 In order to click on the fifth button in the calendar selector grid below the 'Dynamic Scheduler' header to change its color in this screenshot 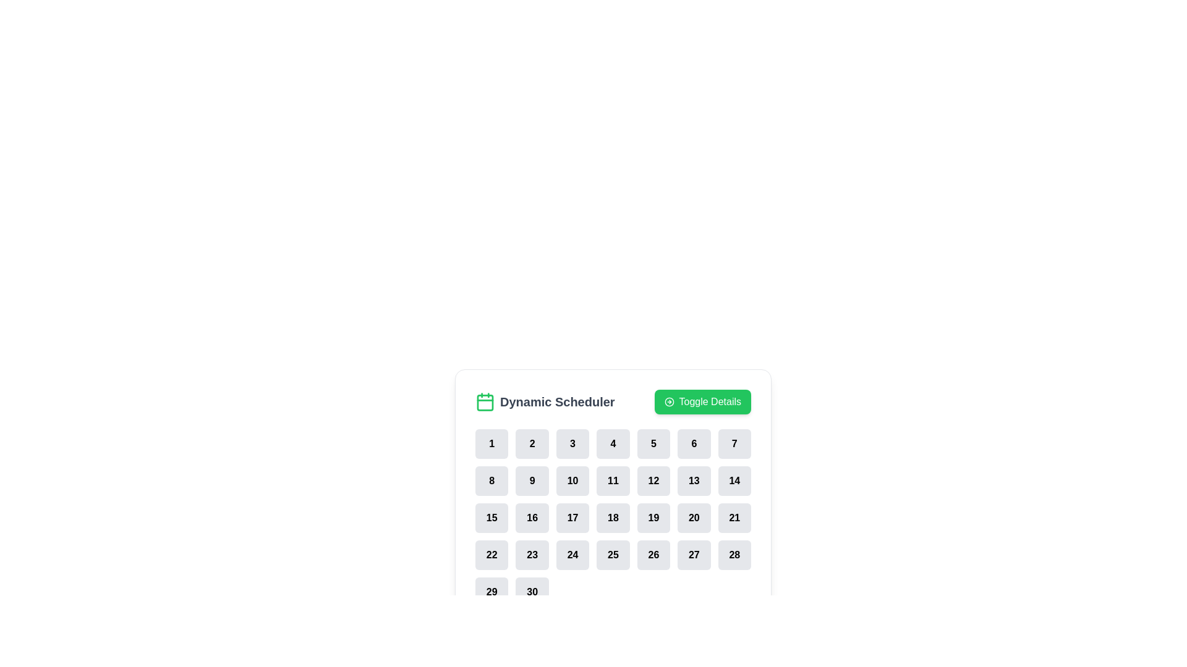, I will do `click(653, 443)`.